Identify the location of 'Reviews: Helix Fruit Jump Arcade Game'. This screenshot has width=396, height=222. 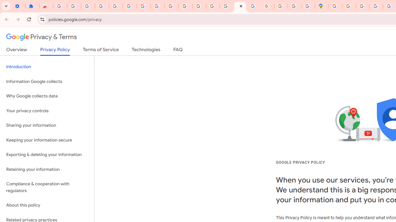
(46, 6).